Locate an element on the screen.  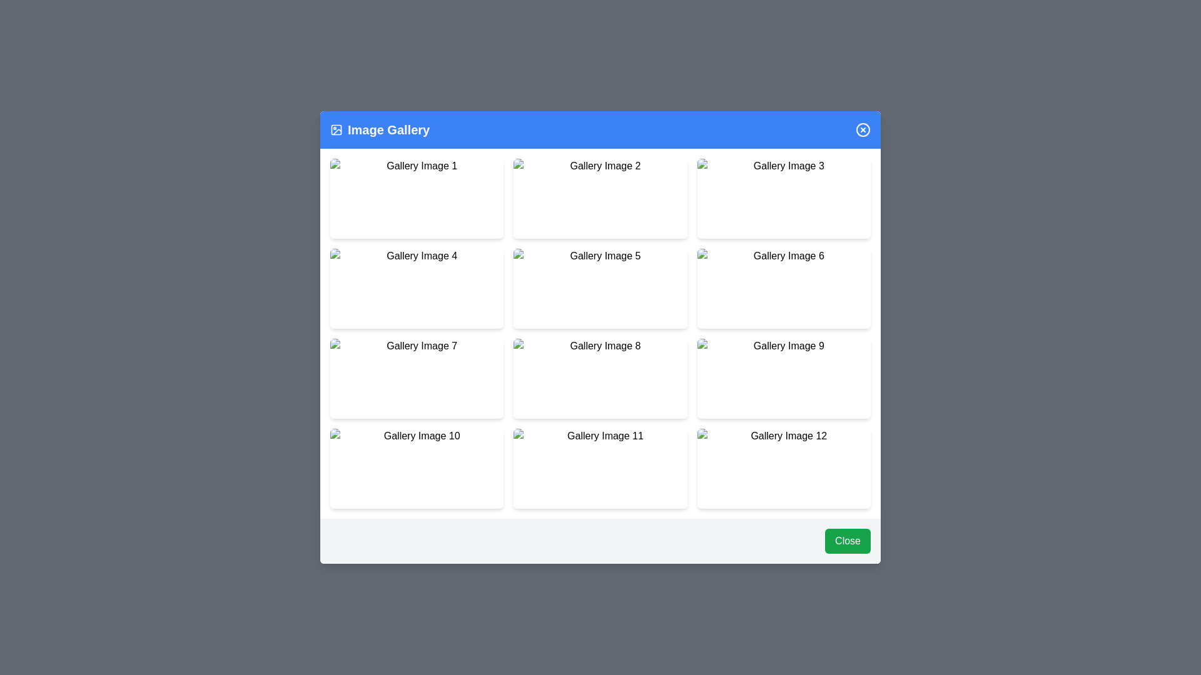
the close button in the header to close the dialog is located at coordinates (863, 130).